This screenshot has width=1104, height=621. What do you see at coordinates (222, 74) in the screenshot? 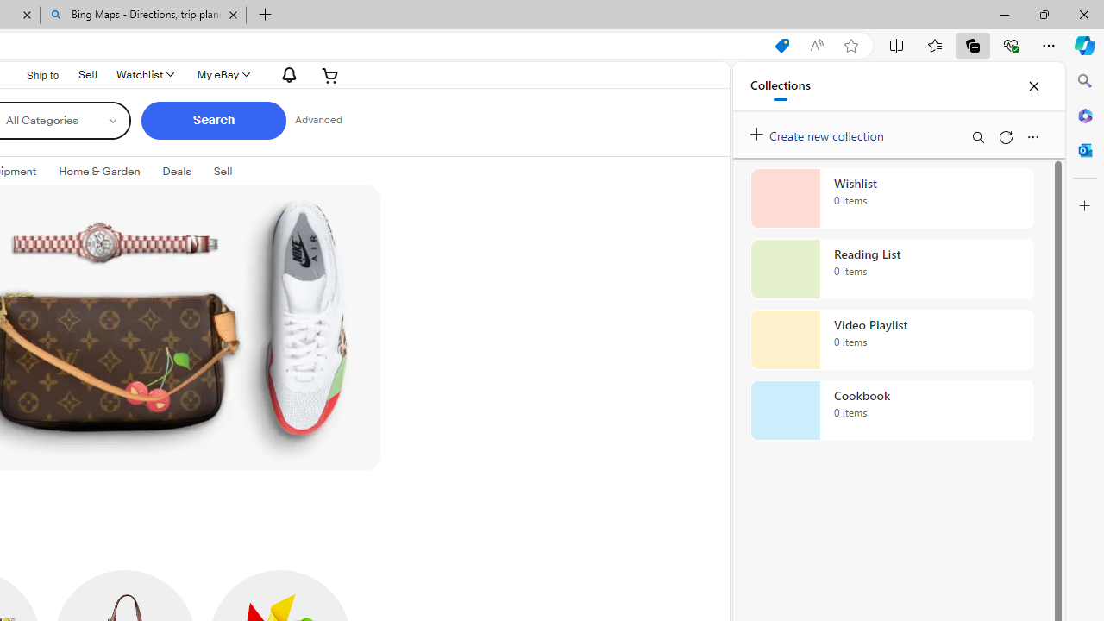
I see `'My eBay'` at bounding box center [222, 74].